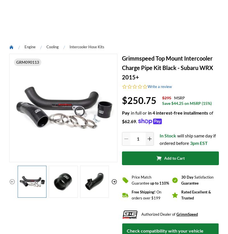 The height and width of the screenshot is (234, 228). Describe the element at coordinates (154, 135) in the screenshot. I see `'Write A Review'` at that location.